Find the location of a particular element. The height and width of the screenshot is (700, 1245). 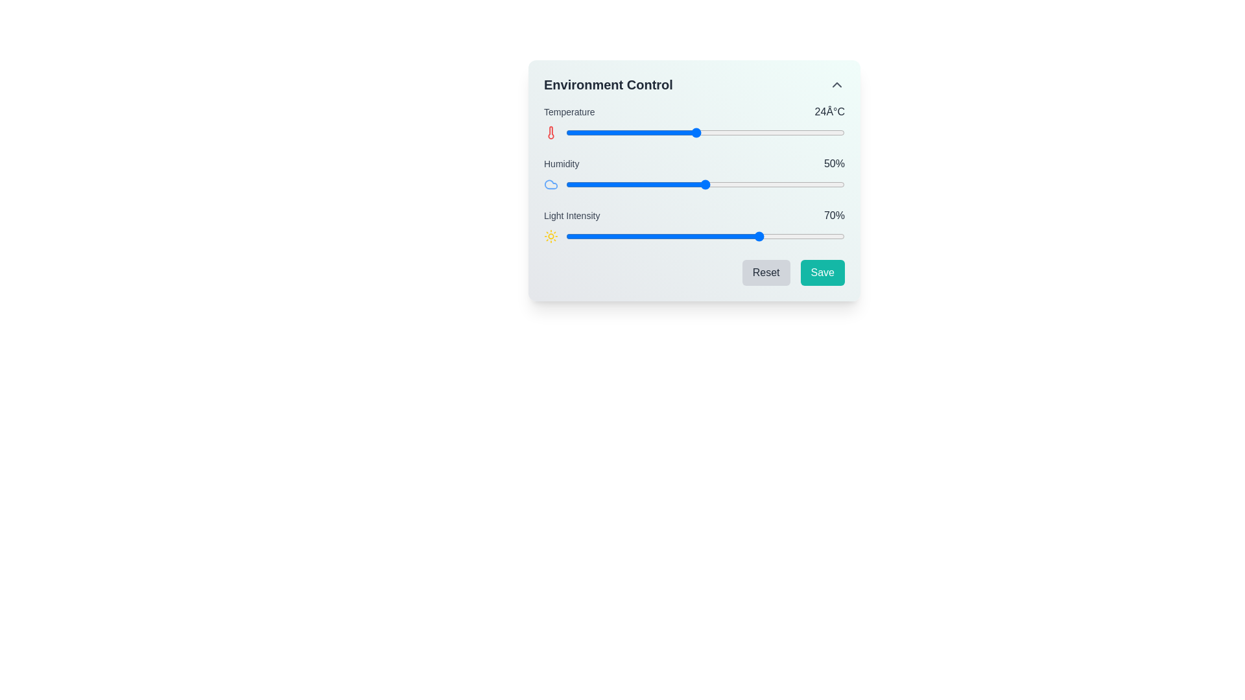

light intensity is located at coordinates (702, 237).